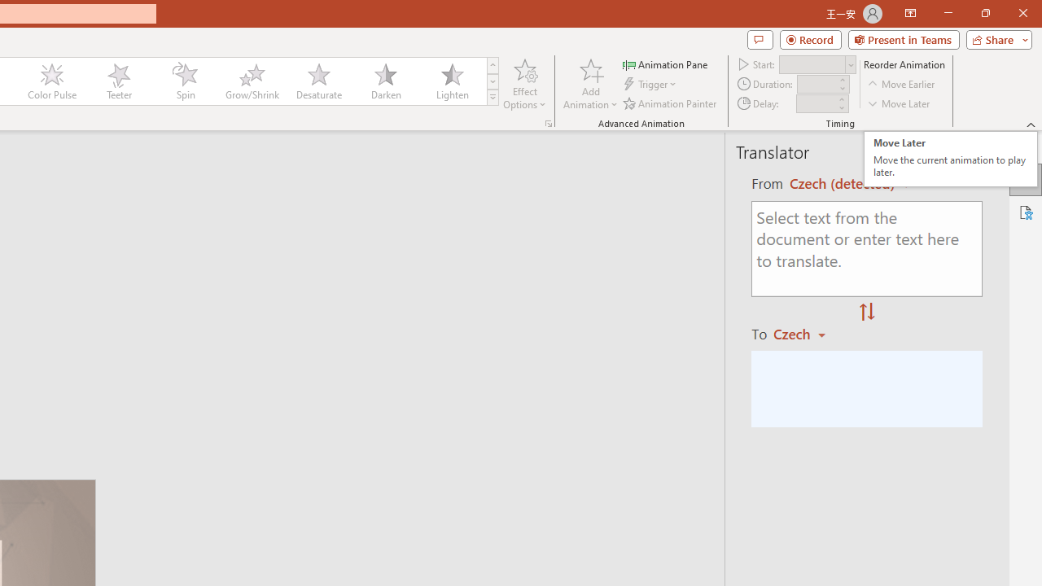 This screenshot has height=586, width=1042. I want to click on 'Swap "from" and "to" languages.', so click(866, 313).